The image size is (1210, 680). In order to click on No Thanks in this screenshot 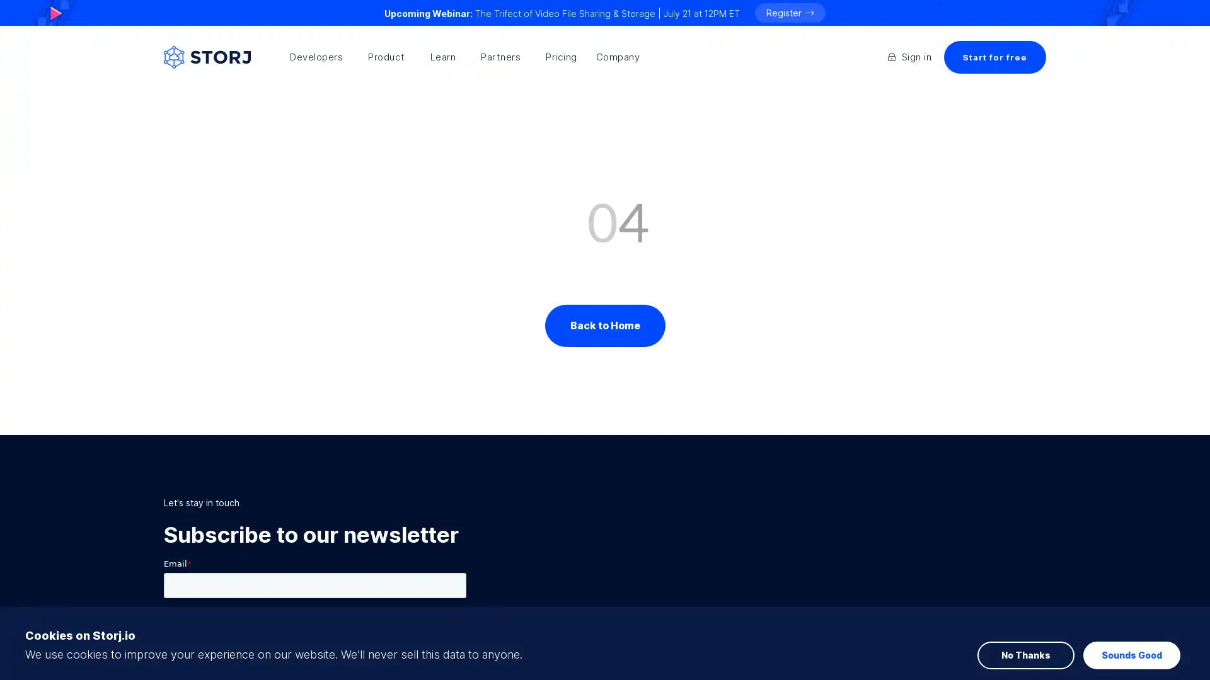, I will do `click(1025, 615)`.